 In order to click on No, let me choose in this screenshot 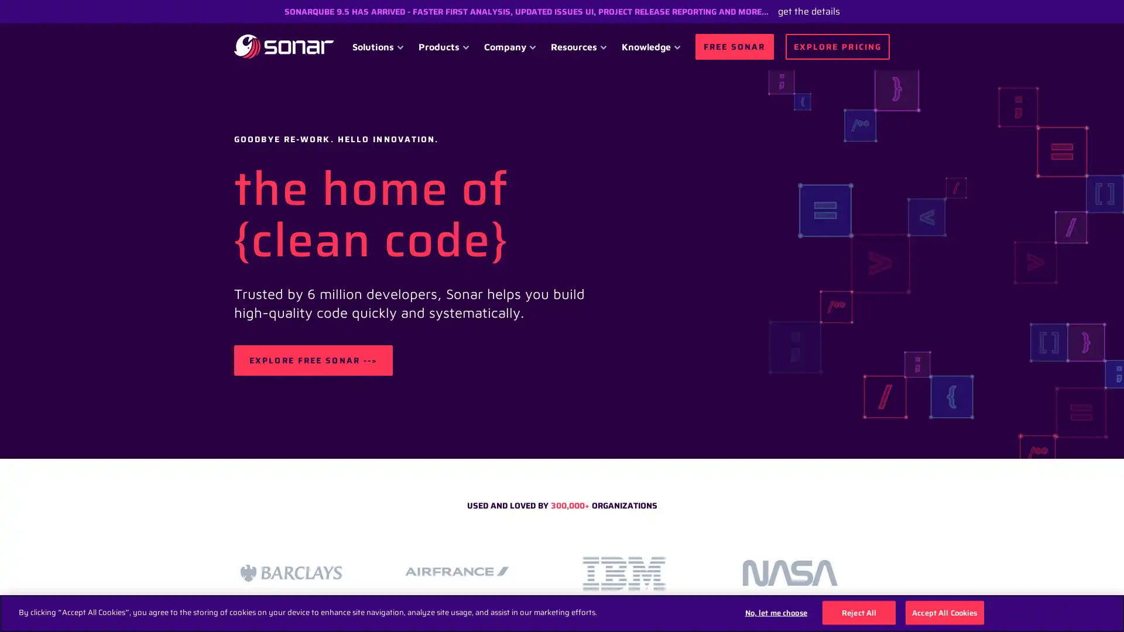, I will do `click(776, 612)`.